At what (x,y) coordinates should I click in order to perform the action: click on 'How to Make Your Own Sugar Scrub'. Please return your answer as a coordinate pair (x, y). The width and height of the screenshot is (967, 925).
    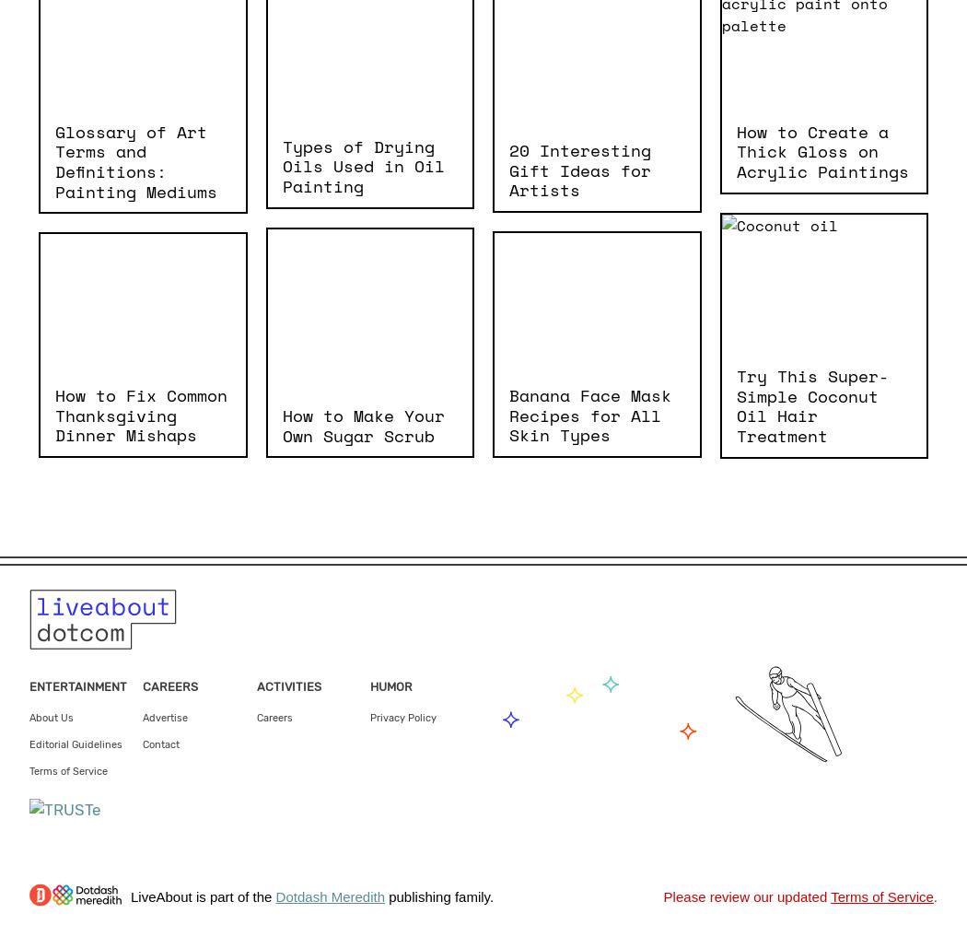
    Looking at the image, I should click on (362, 424).